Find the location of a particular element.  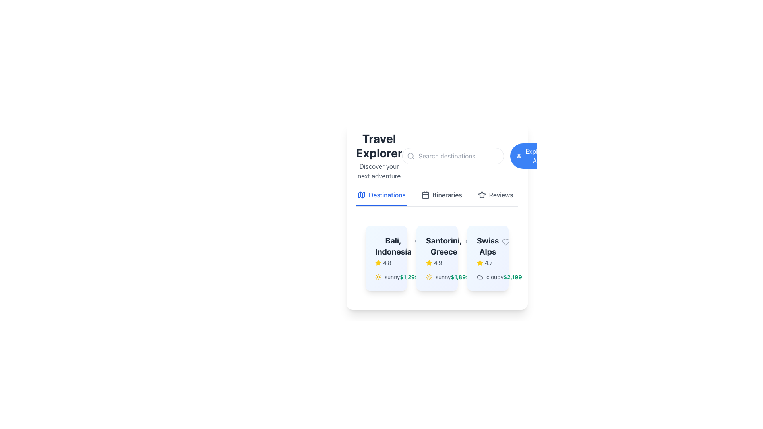

value from the rating indicator text label located in the second card of the 'Santorini, Greece' section, which is visually represented alongside a star icon is located at coordinates (438, 263).